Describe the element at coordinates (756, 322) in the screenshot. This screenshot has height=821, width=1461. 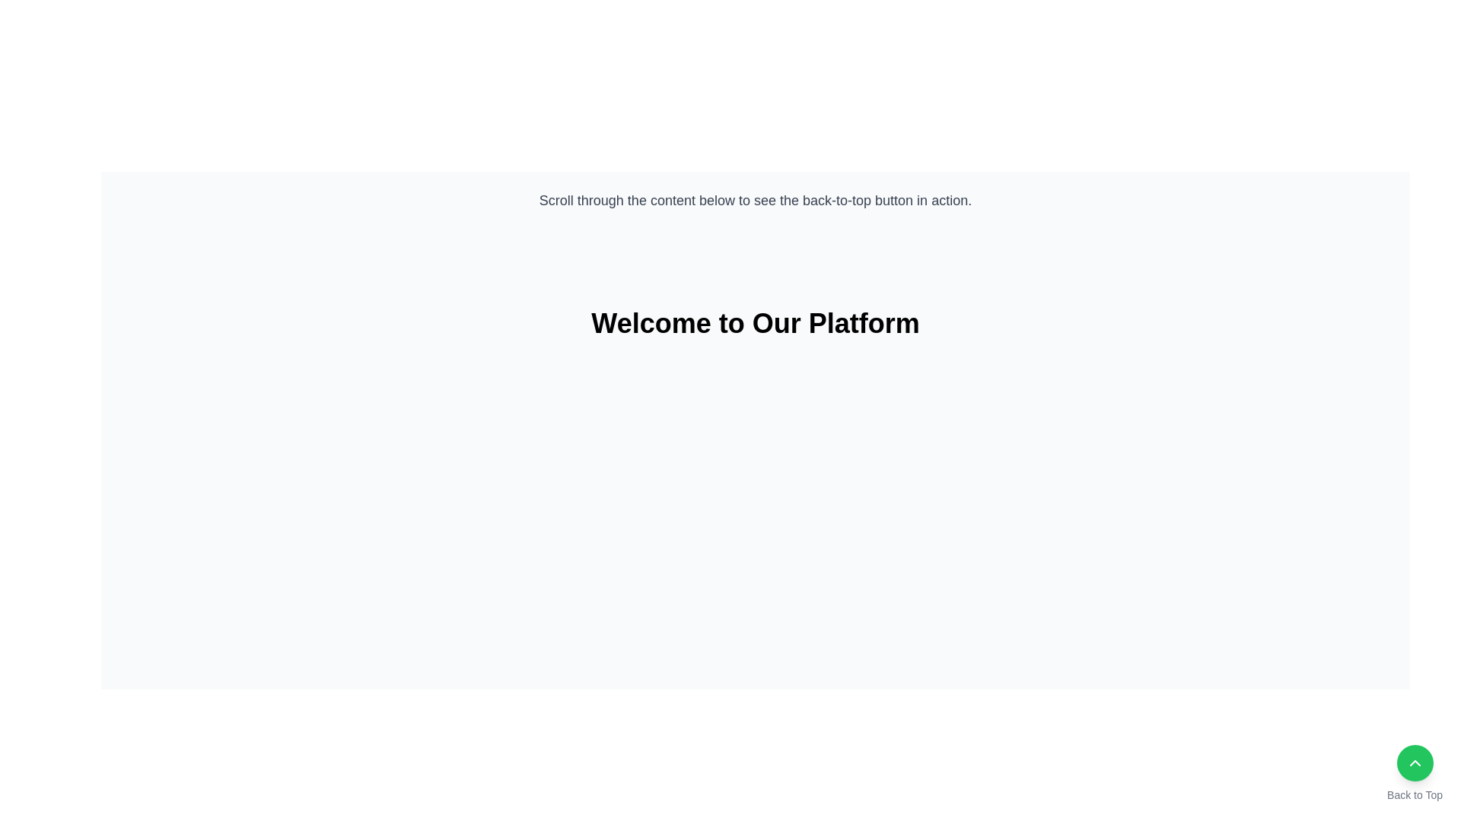
I see `the heading text that reads 'Welcome to Our Platform', which is a bold, large-sized, center-aligned text displayed in black color` at that location.